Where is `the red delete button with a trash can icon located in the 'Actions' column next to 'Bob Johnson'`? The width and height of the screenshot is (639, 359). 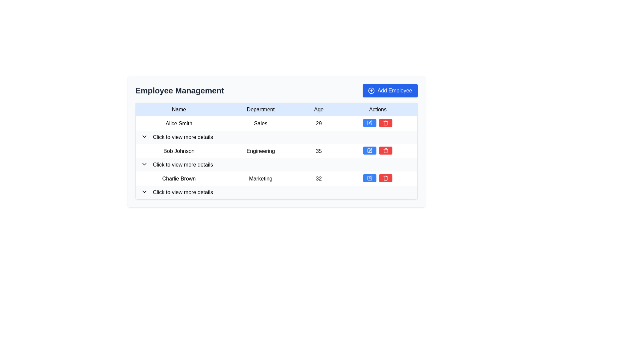 the red delete button with a trash can icon located in the 'Actions' column next to 'Bob Johnson' is located at coordinates (385, 150).